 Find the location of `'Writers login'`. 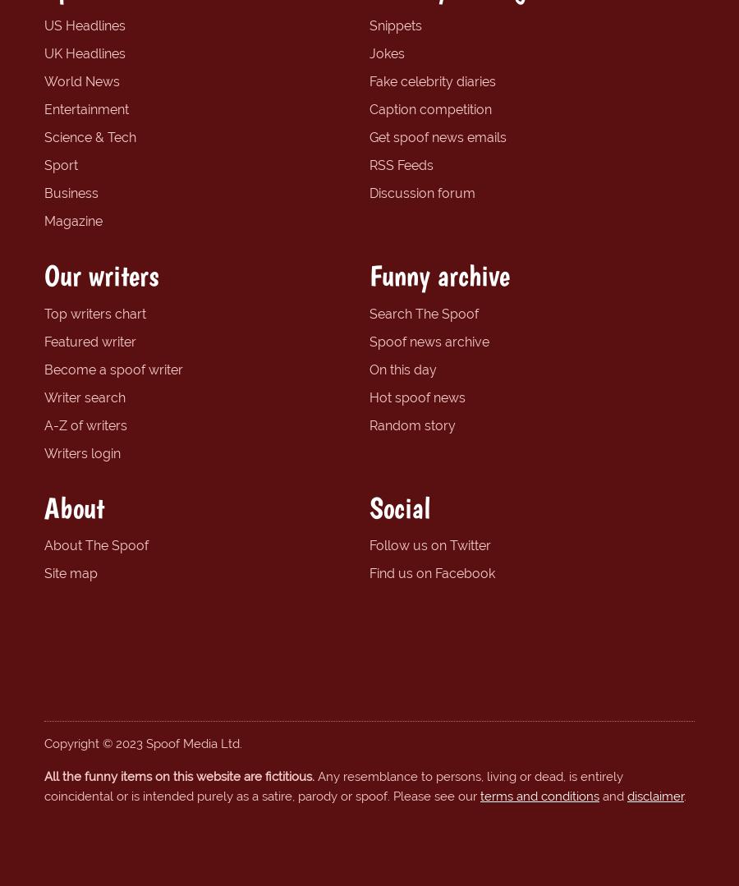

'Writers login' is located at coordinates (44, 452).